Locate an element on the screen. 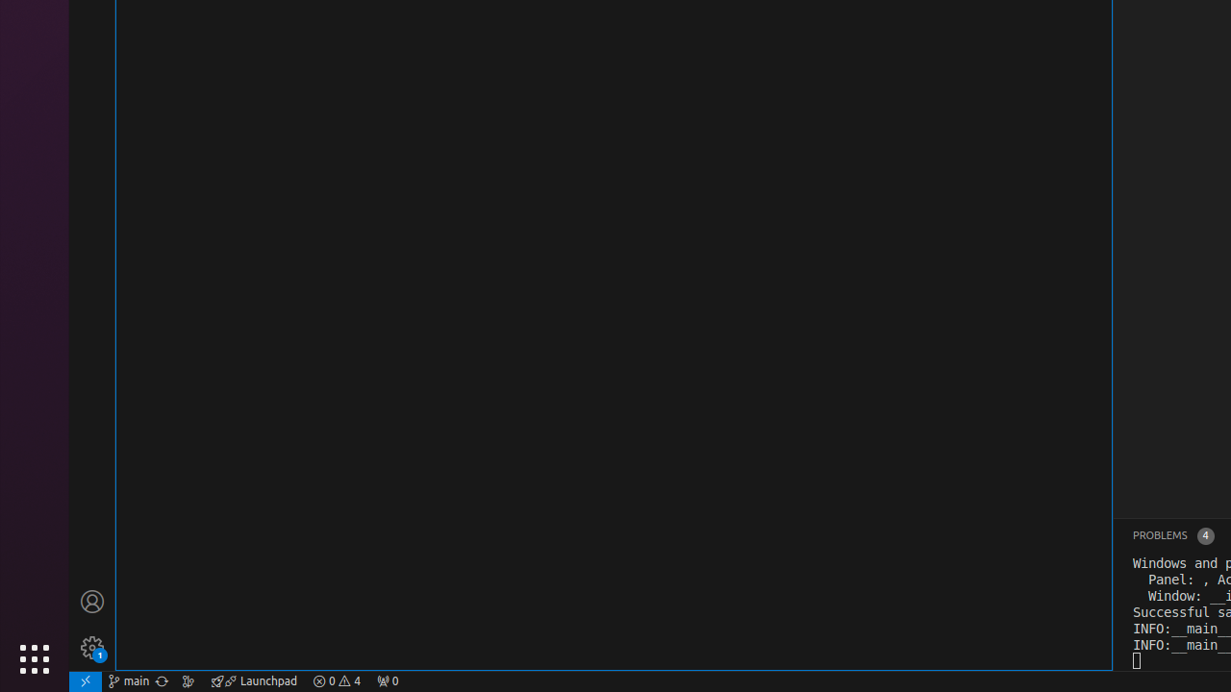 Image resolution: width=1231 pixels, height=692 pixels. 'No Ports Forwarded' is located at coordinates (386, 680).